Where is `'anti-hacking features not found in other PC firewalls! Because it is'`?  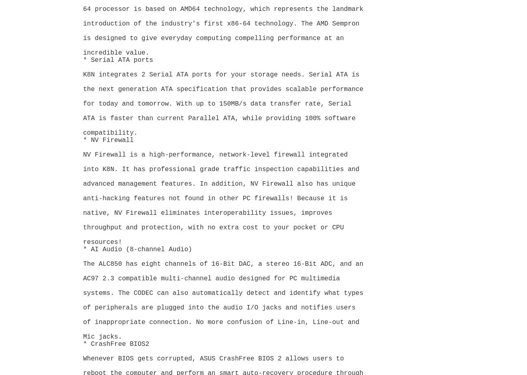
'anti-hacking features not found in other PC firewalls! Because it is' is located at coordinates (217, 199).